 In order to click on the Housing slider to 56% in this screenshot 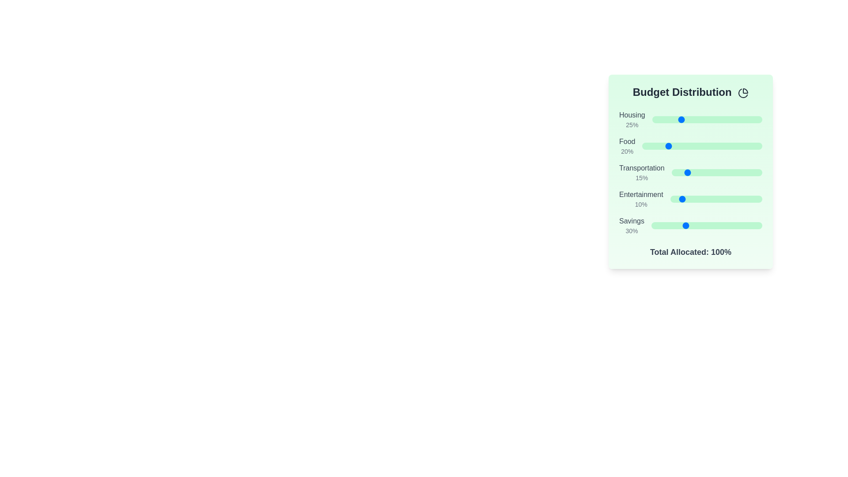, I will do `click(714, 119)`.